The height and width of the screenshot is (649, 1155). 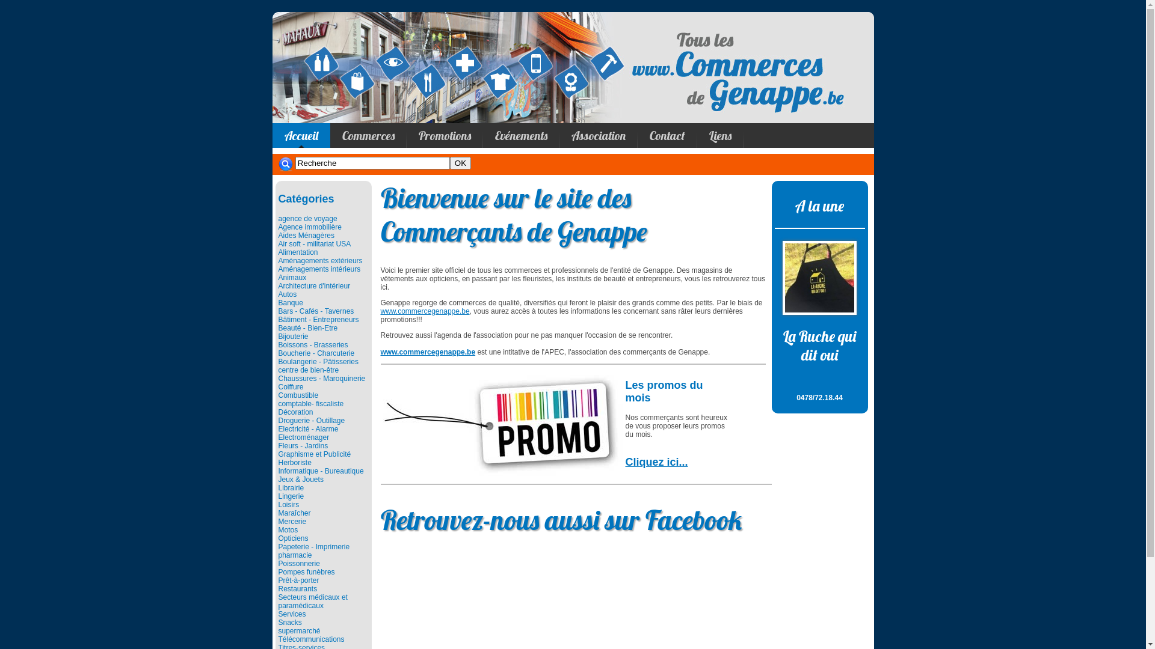 I want to click on 'Chaussures - Maroquinerie', so click(x=321, y=377).